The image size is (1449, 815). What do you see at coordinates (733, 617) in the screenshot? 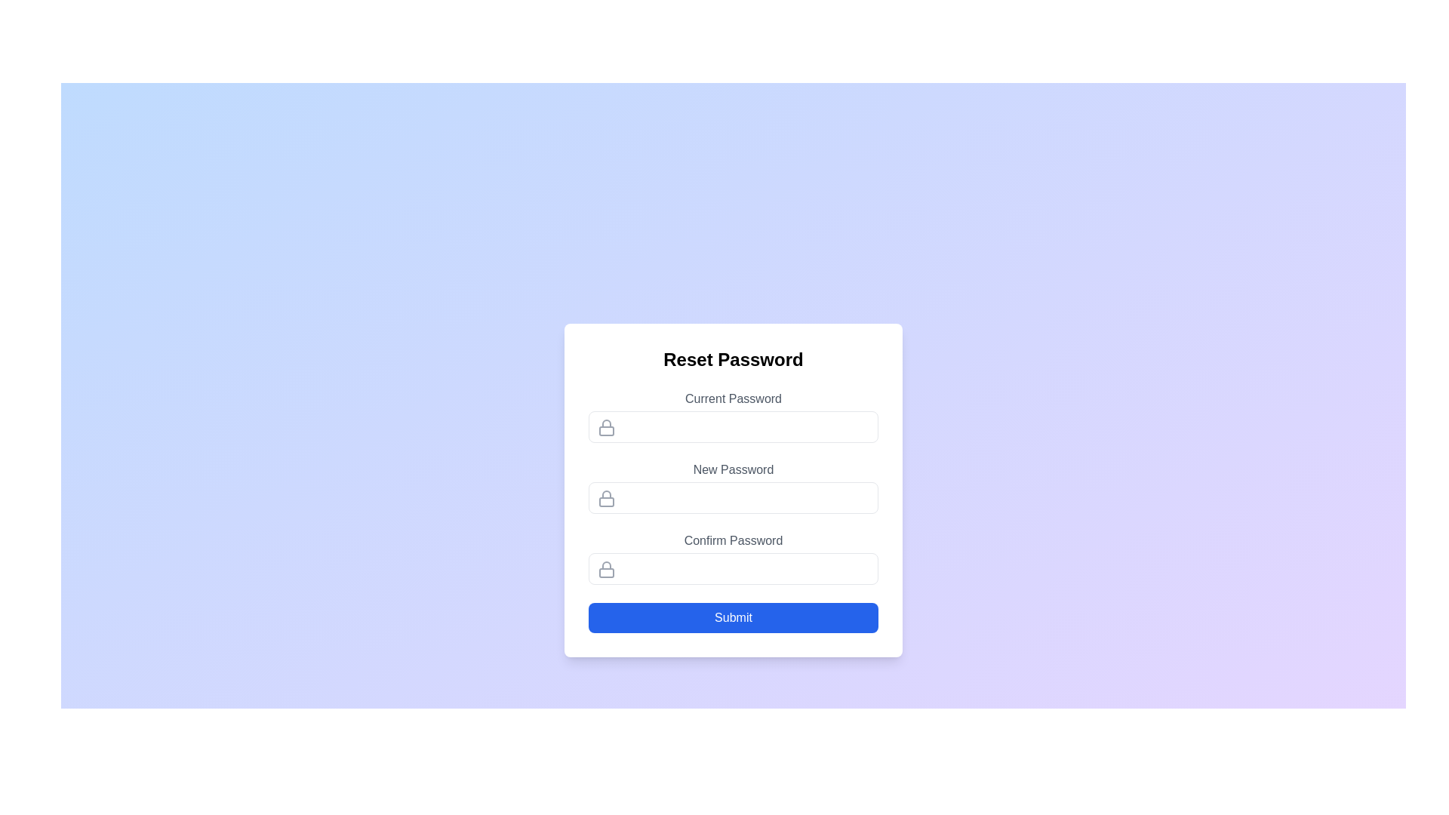
I see `the blue 'Submit' button with white text at the bottom of the 'Reset Password' dialogue box` at bounding box center [733, 617].